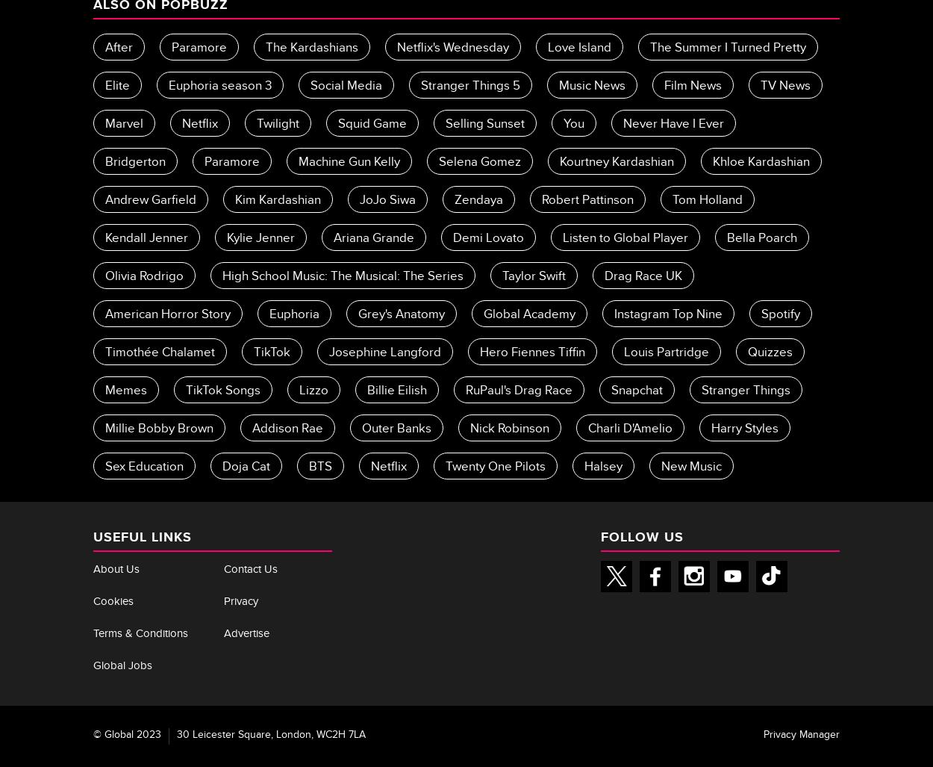 Image resolution: width=933 pixels, height=767 pixels. I want to click on 'Useful Links', so click(142, 535).